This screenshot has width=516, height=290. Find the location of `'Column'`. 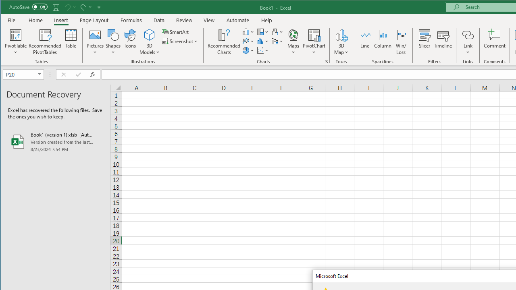

'Column' is located at coordinates (382, 42).